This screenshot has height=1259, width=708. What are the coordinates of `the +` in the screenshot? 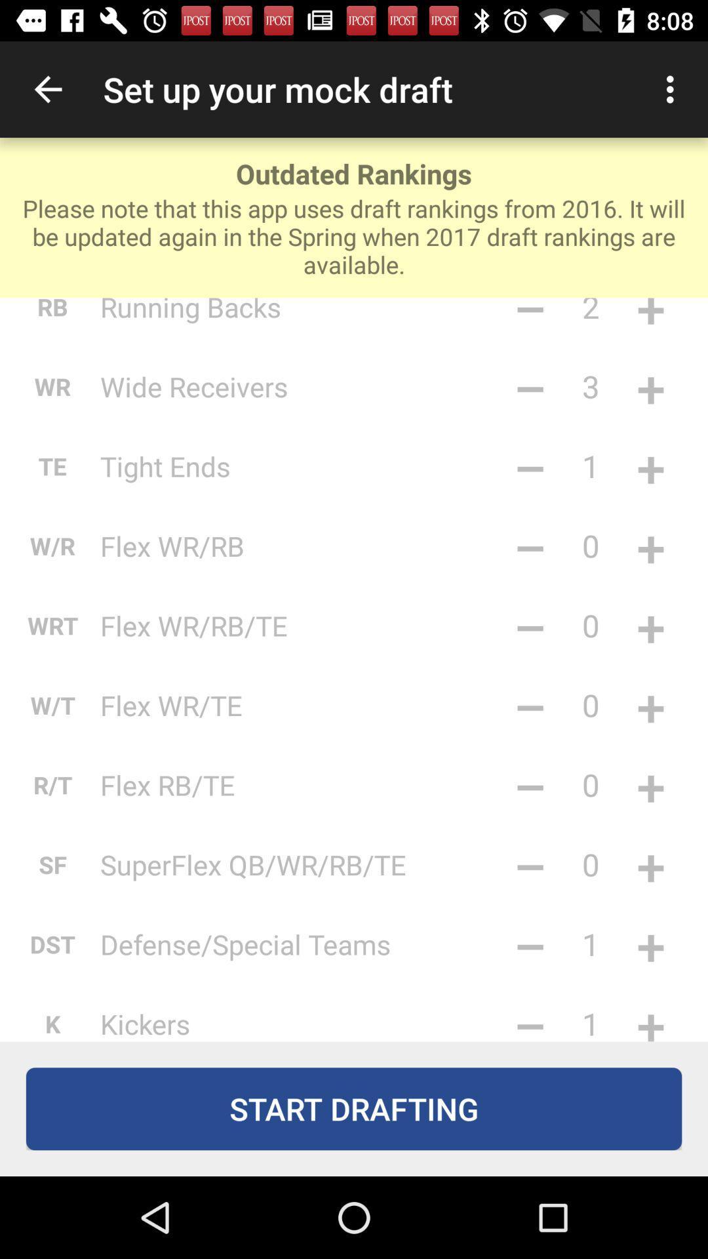 It's located at (650, 466).